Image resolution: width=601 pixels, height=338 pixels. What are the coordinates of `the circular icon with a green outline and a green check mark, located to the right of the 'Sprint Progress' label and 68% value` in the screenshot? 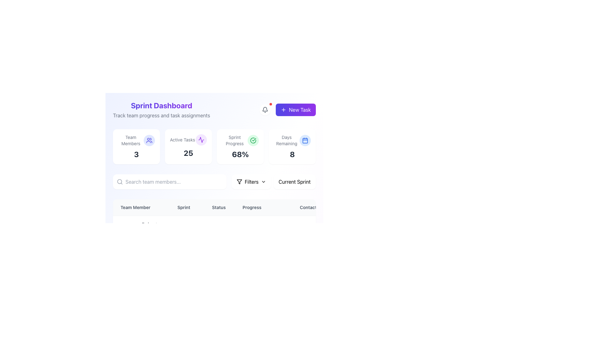 It's located at (253, 140).